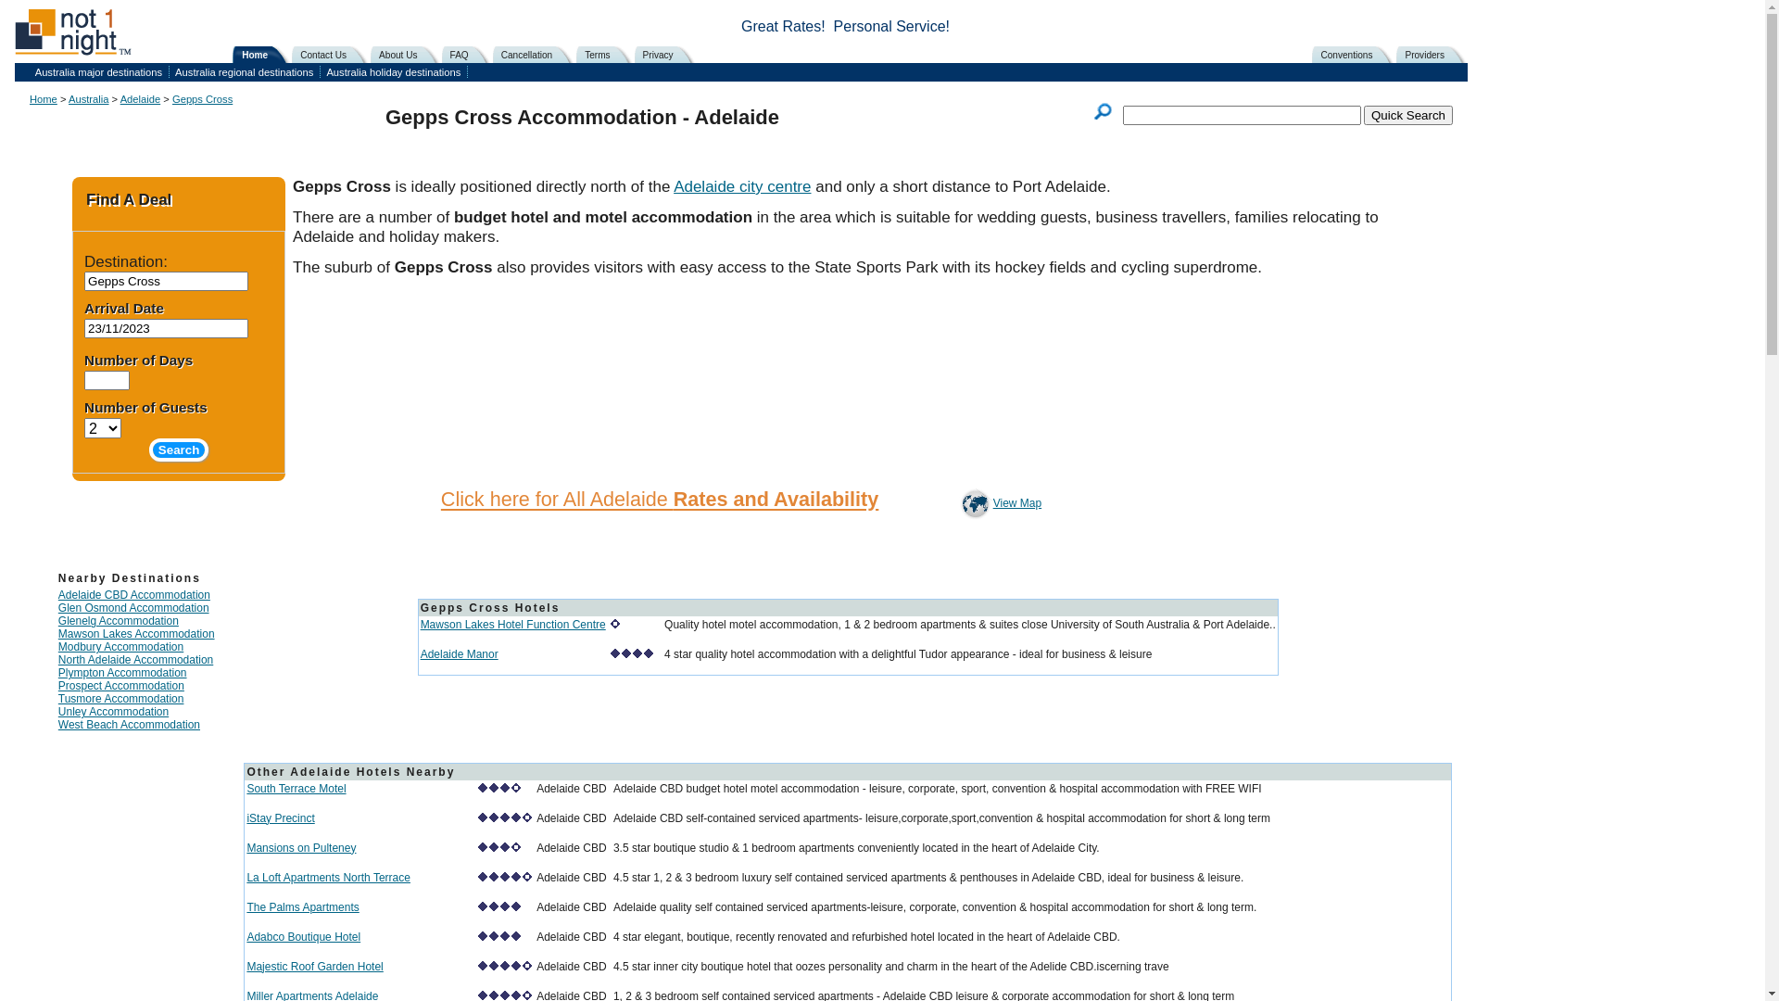 Image resolution: width=1779 pixels, height=1001 pixels. I want to click on 'FAQ', so click(469, 53).